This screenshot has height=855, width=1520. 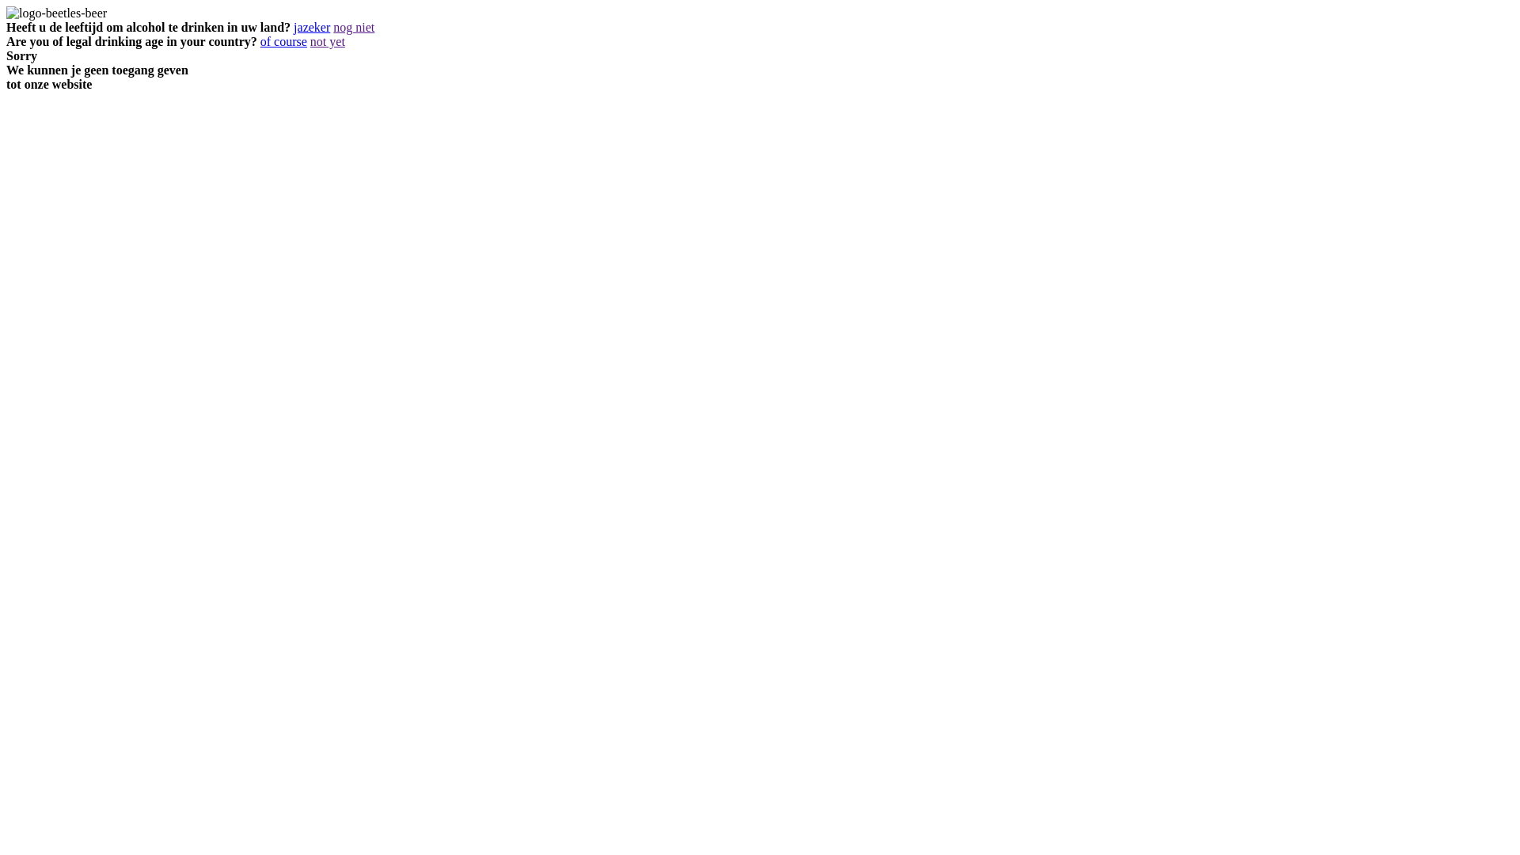 I want to click on 'logo-beetles-beer', so click(x=56, y=13).